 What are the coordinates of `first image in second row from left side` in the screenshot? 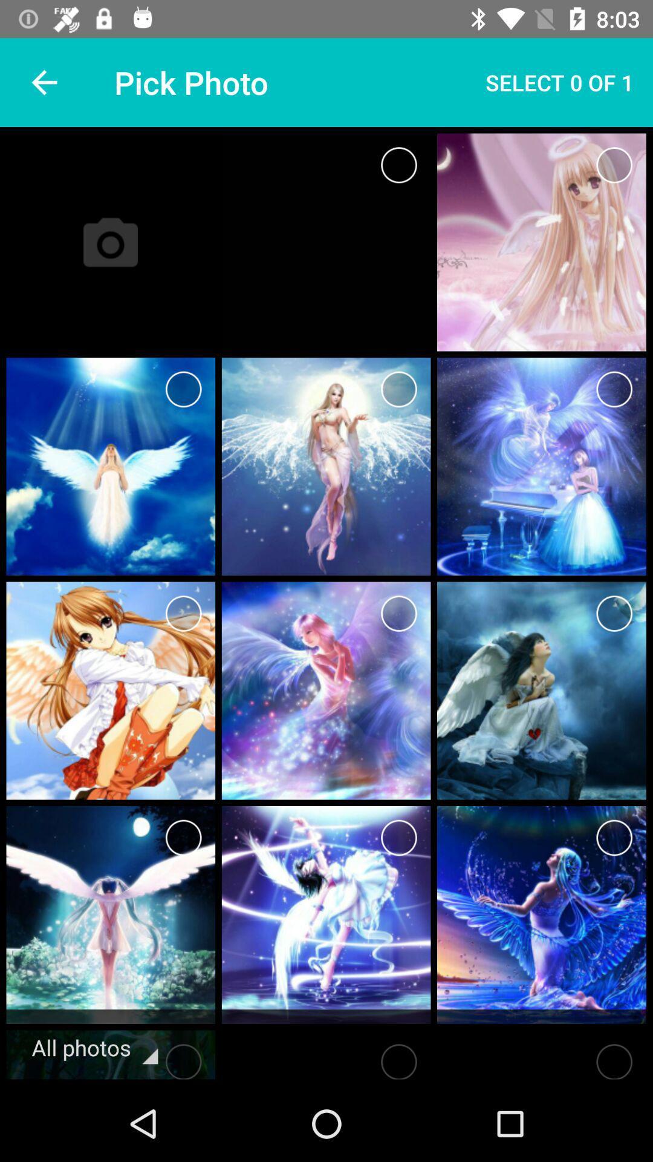 It's located at (111, 466).